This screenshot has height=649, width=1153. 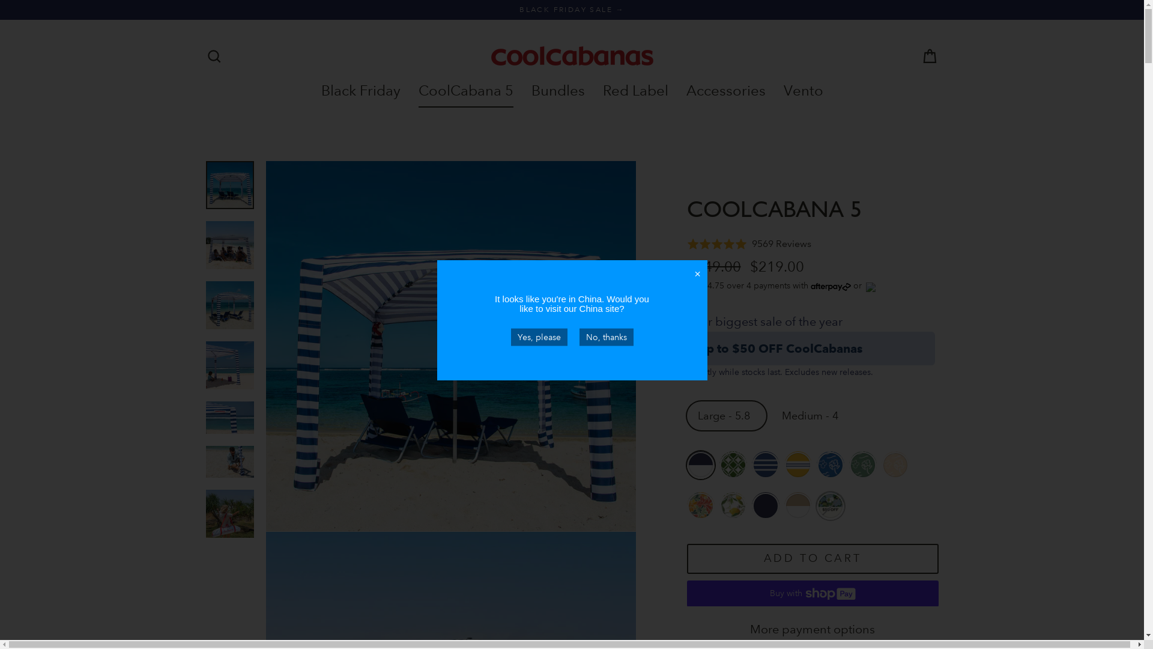 I want to click on 'Accessories', so click(x=725, y=90).